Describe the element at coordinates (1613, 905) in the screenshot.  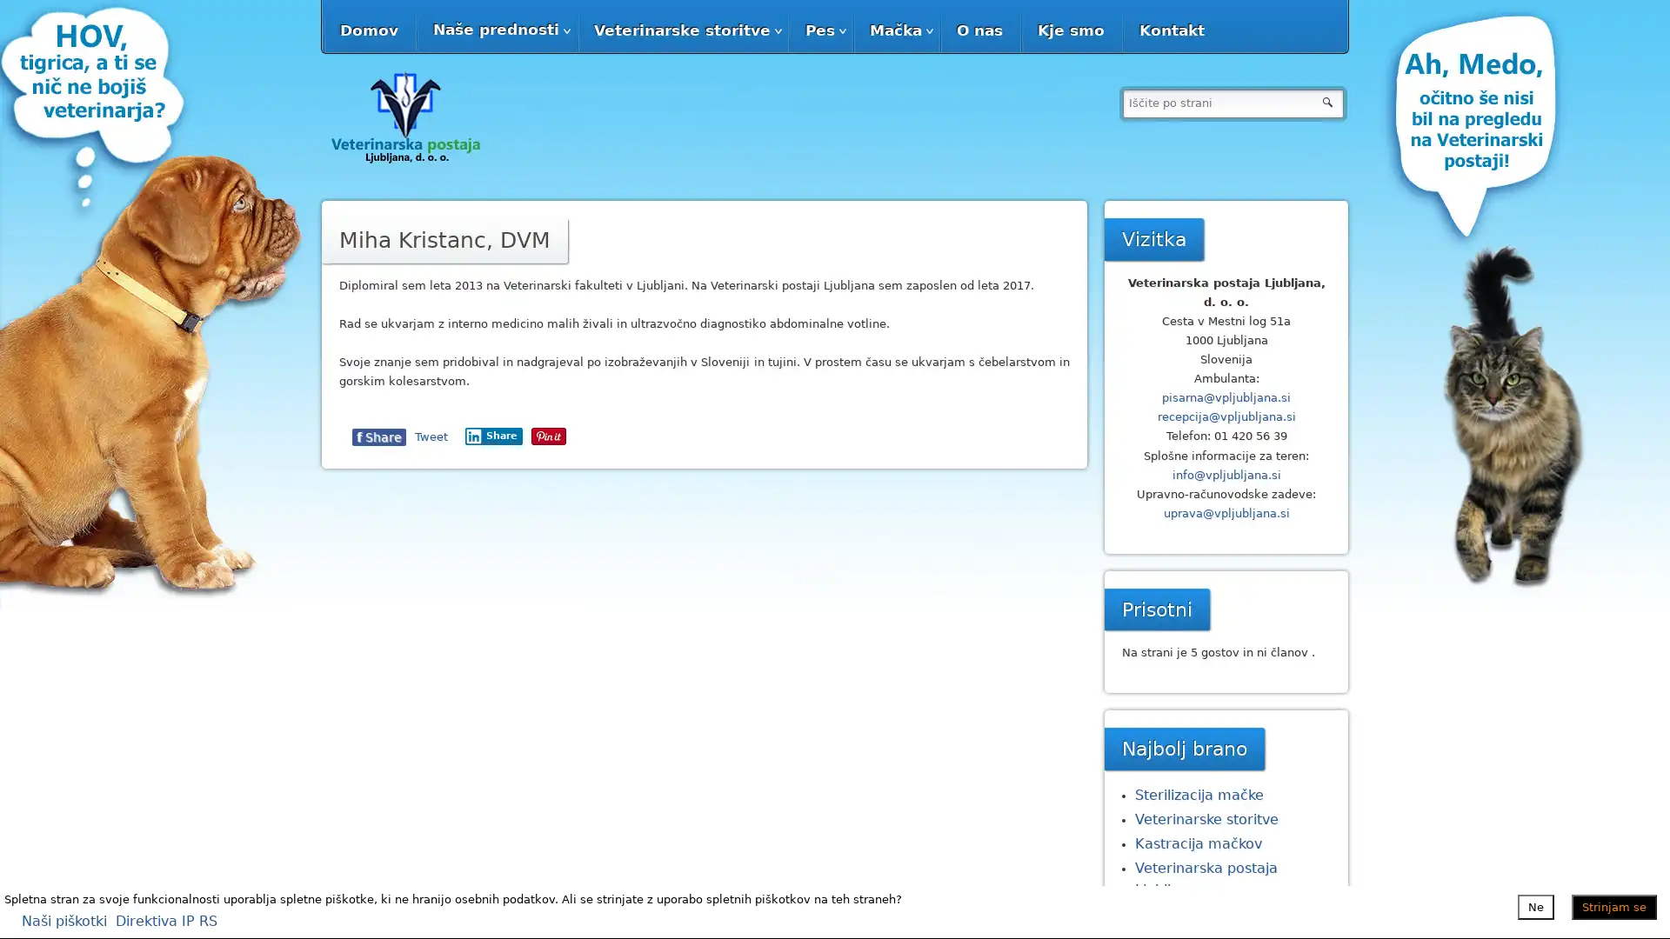
I see `Strinjam se` at that location.